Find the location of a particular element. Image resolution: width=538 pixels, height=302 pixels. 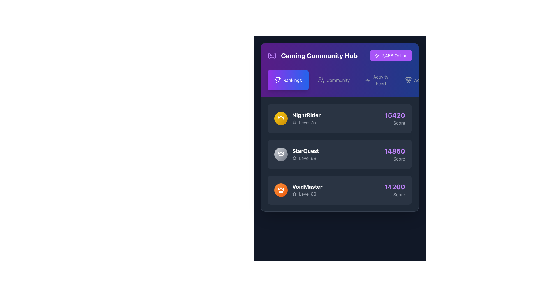

the Text label displaying the score value '14200' for the user 'VoidMaster', located in the right-aligned section of the leaderboard row is located at coordinates (394, 187).